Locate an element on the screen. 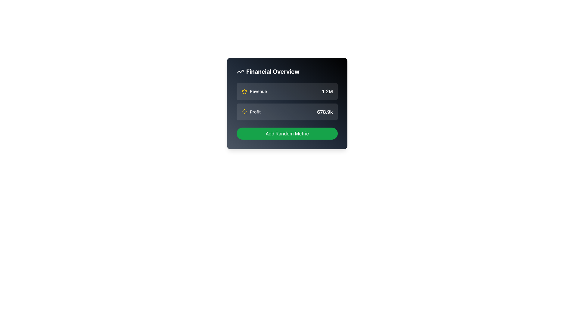 Image resolution: width=578 pixels, height=325 pixels. text label 'Revenue' located in the 'Financial Overview' section, positioned to the right of the yellow star icon and to the left of the numerical value '1.2M' is located at coordinates (258, 91).